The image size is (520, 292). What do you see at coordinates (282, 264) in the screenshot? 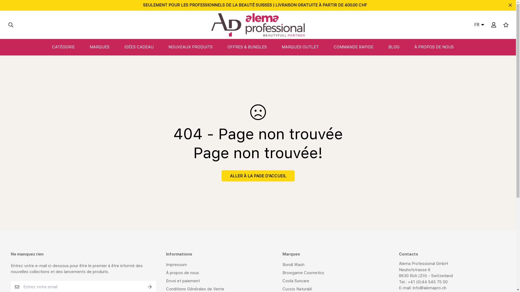
I see `'Bondi Wash'` at bounding box center [282, 264].